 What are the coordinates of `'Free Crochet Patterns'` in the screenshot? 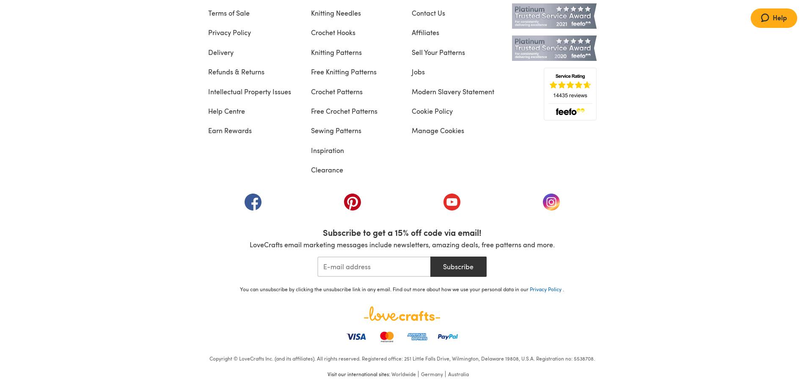 It's located at (344, 110).